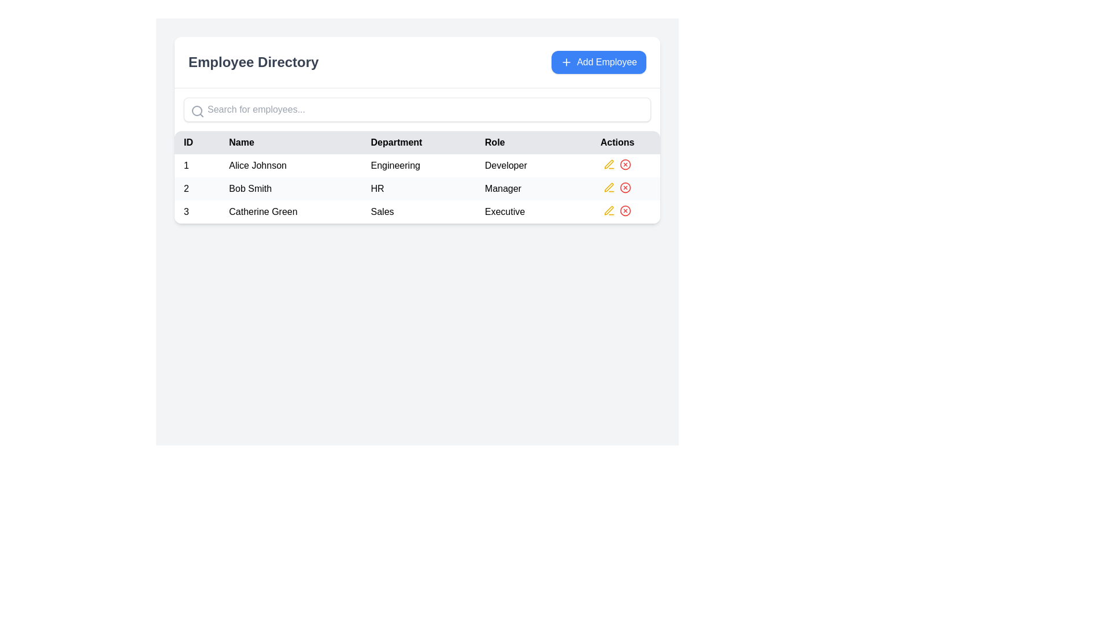 The width and height of the screenshot is (1110, 624). What do you see at coordinates (624, 187) in the screenshot?
I see `the delete icon button located in the 'Actions' column of the second row in the employee directory table` at bounding box center [624, 187].